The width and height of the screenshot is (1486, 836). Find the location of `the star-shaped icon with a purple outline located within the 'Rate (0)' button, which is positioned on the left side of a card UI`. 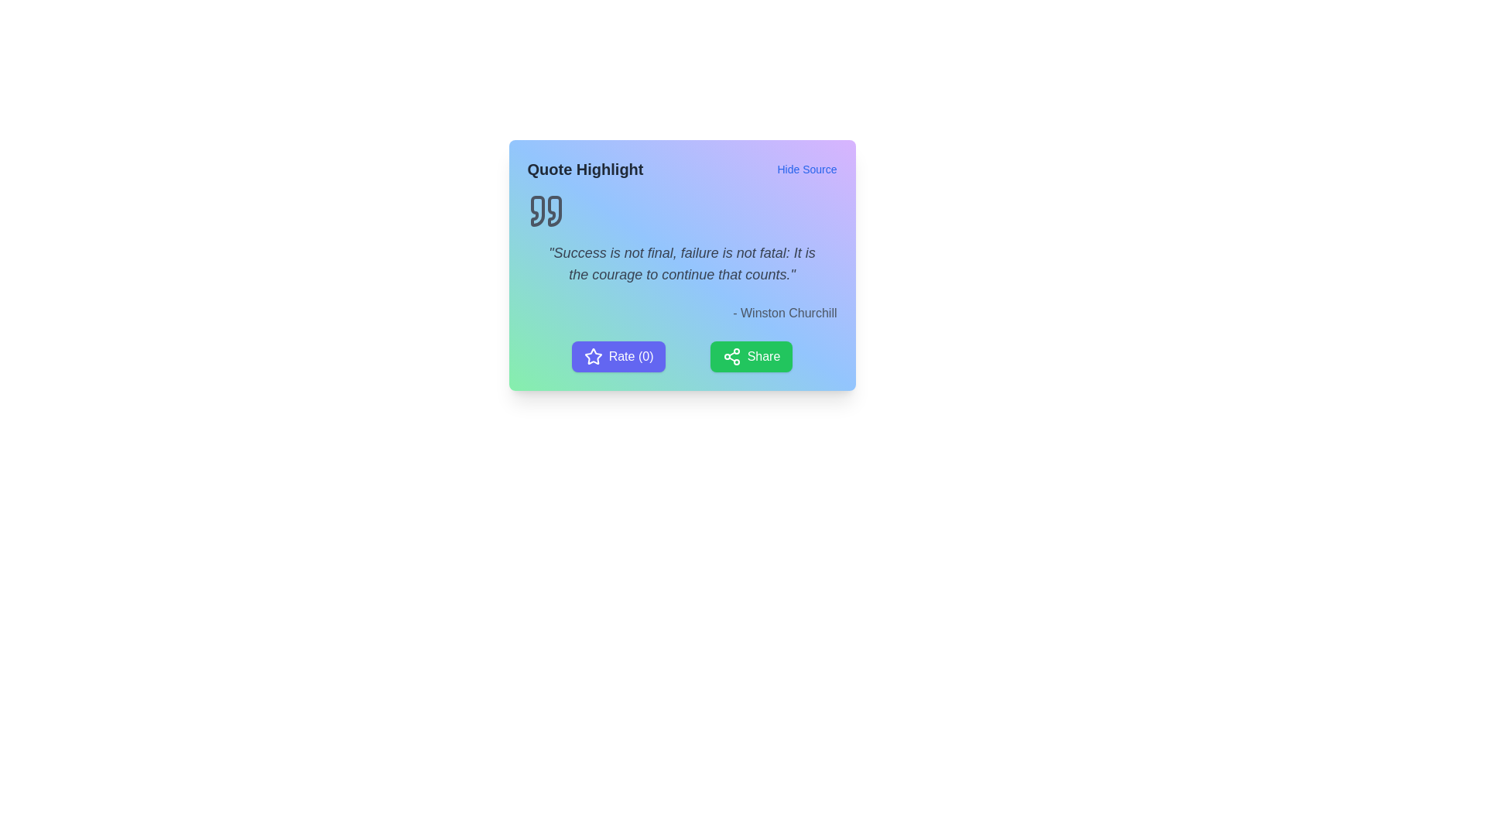

the star-shaped icon with a purple outline located within the 'Rate (0)' button, which is positioned on the left side of a card UI is located at coordinates (592, 356).